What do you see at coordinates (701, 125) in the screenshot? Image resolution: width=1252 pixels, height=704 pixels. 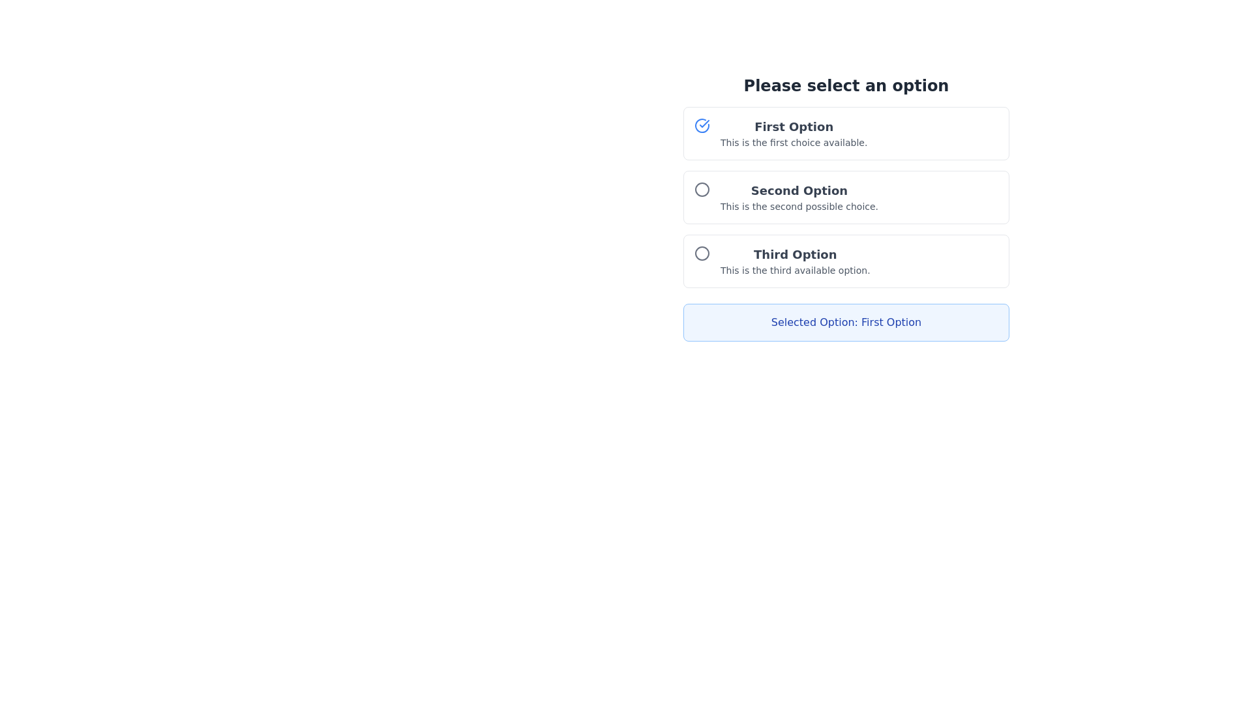 I see `the selection indicator icon located to the left of the 'First Option' label in the vertically stacked selectable list` at bounding box center [701, 125].